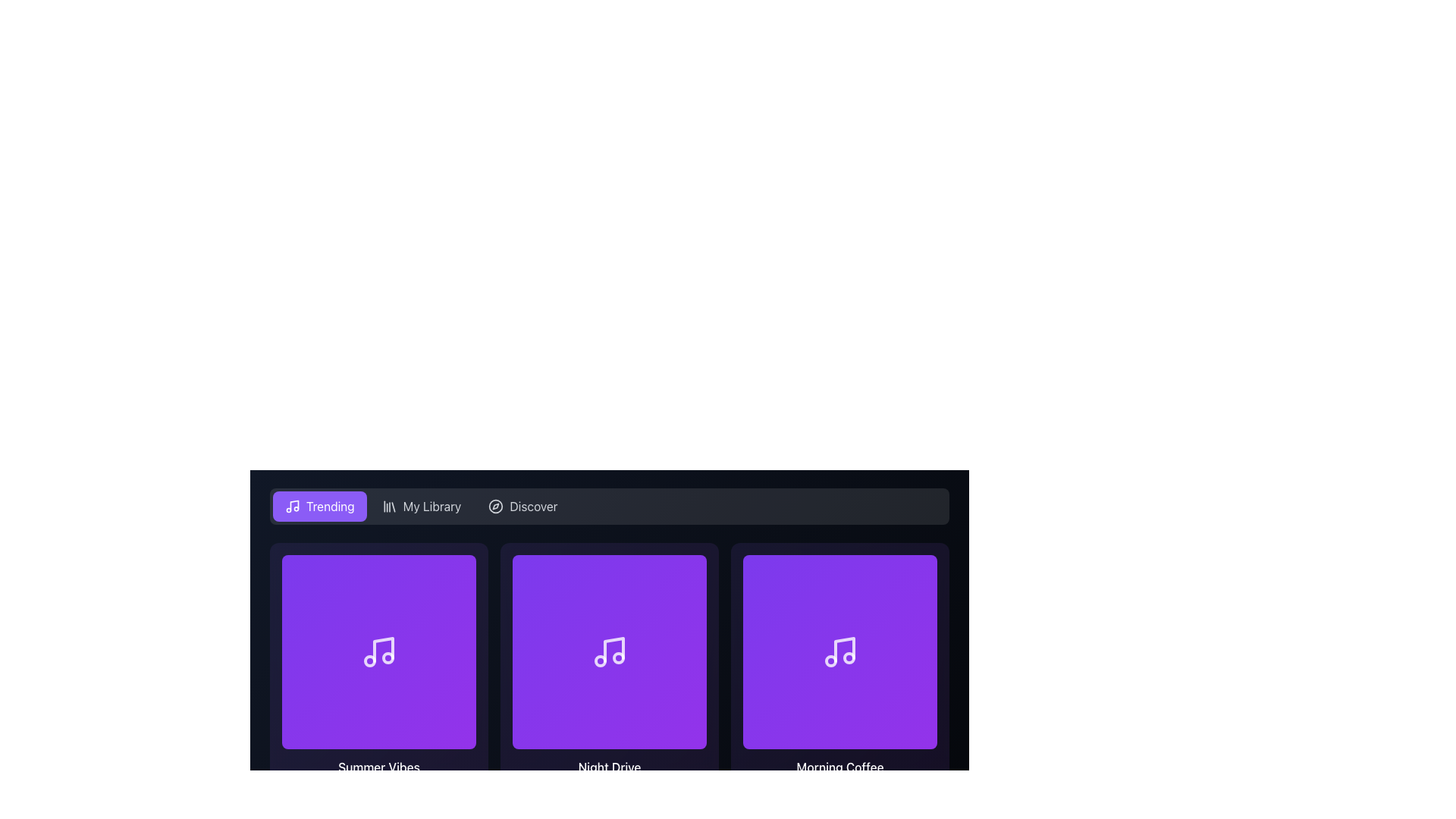 The image size is (1456, 819). What do you see at coordinates (378, 651) in the screenshot?
I see `the music-related icon located in the first card of the 'Trending' section` at bounding box center [378, 651].